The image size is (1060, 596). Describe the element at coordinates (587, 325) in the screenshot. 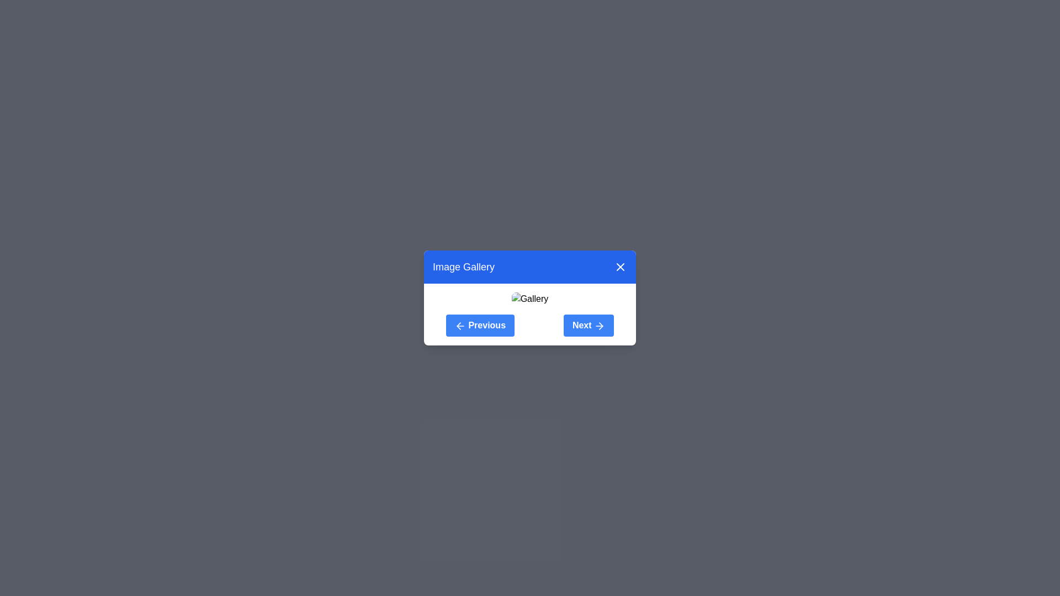

I see `the 'Next' button to navigate to the next image` at that location.